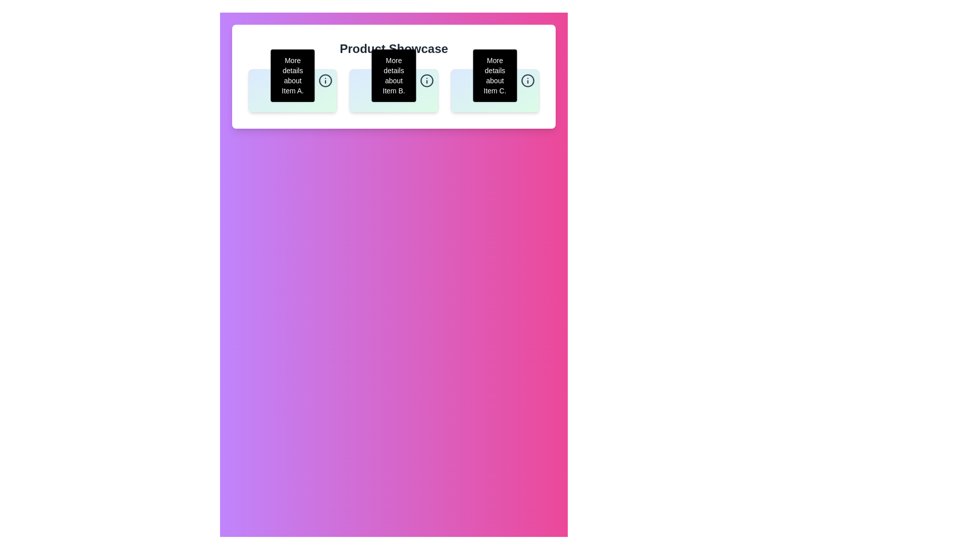 The width and height of the screenshot is (969, 545). I want to click on the Card component titled 'Item A' with a gradient background transitioning from light blue to light green, positioned in the leftmost column of a three-column layout, so click(292, 91).